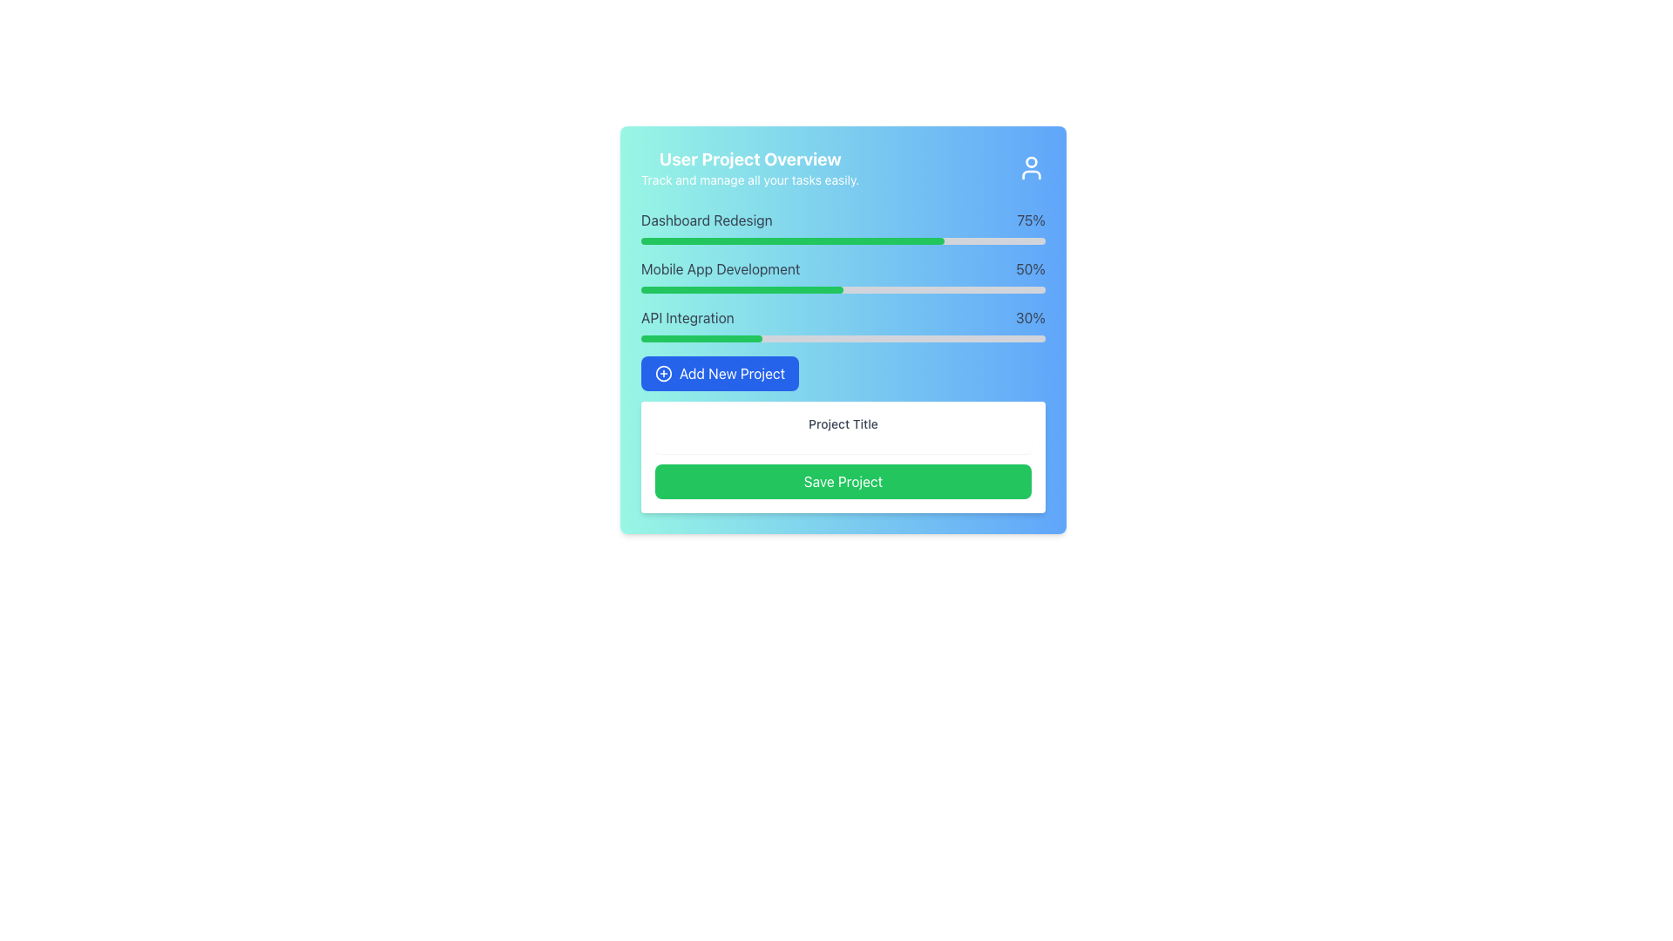  I want to click on the submit button located directly below the 'Project Title' text input field, so click(843, 481).